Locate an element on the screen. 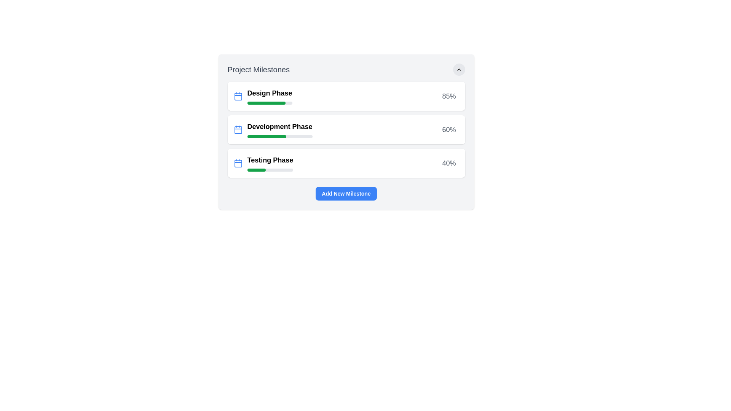  the milestone element labeled 'Design Phase' that includes a calendar icon and a green progress bar is located at coordinates (263, 96).